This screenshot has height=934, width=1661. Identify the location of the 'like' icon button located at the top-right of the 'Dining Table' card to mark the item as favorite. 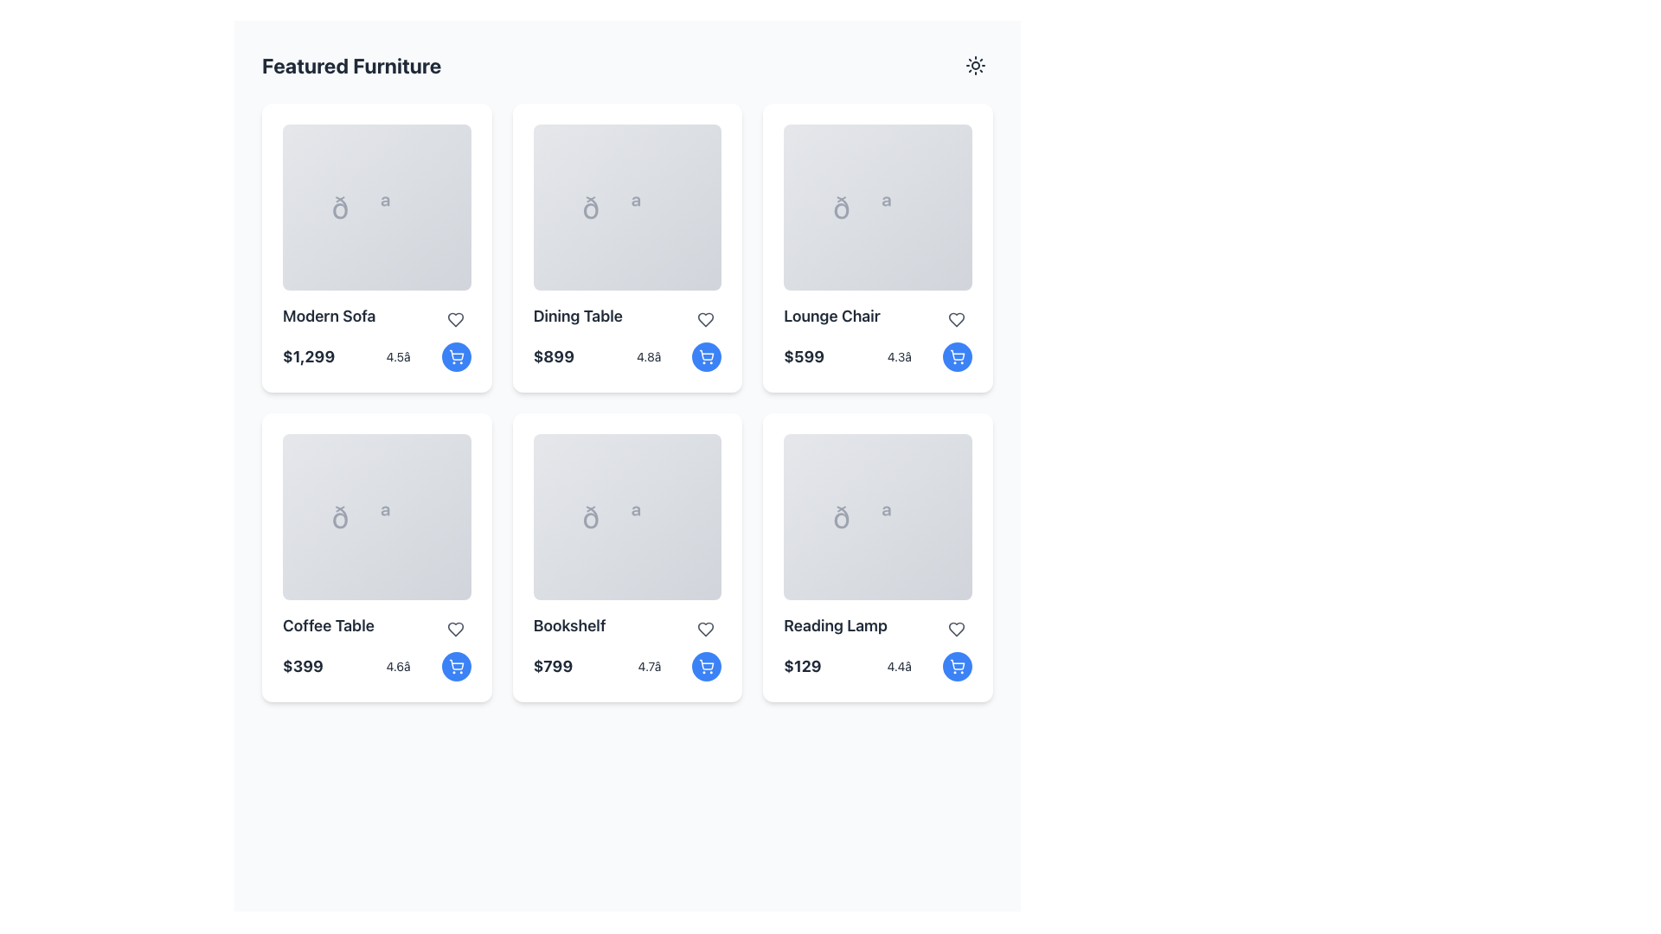
(706, 320).